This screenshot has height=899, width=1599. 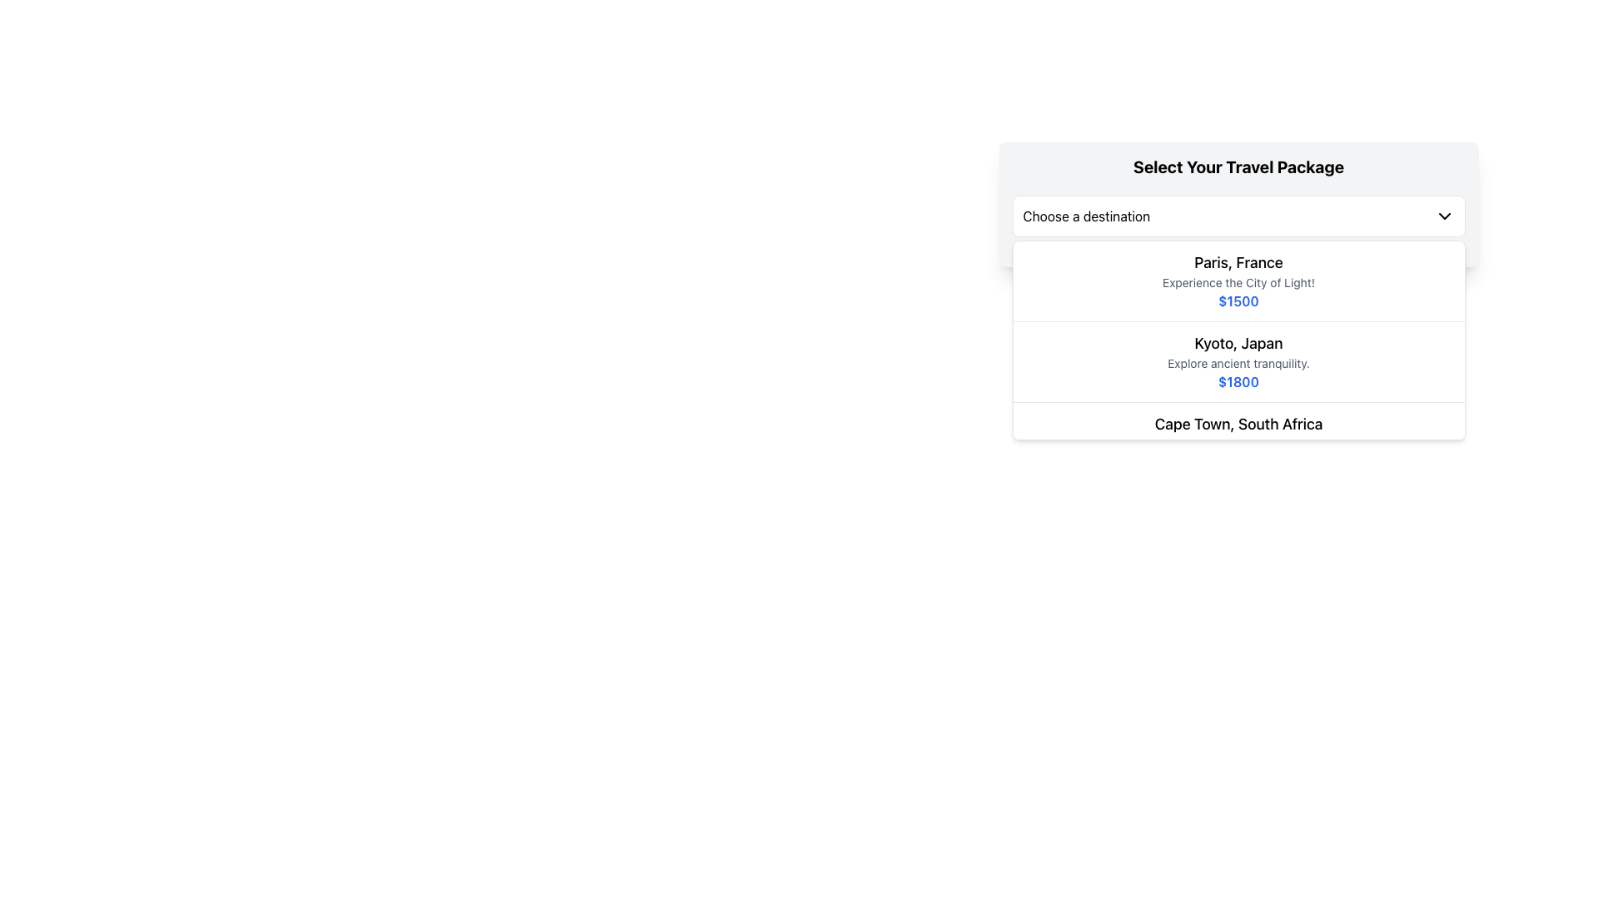 What do you see at coordinates (1238, 204) in the screenshot?
I see `the dropdown menu for selecting a travel package` at bounding box center [1238, 204].